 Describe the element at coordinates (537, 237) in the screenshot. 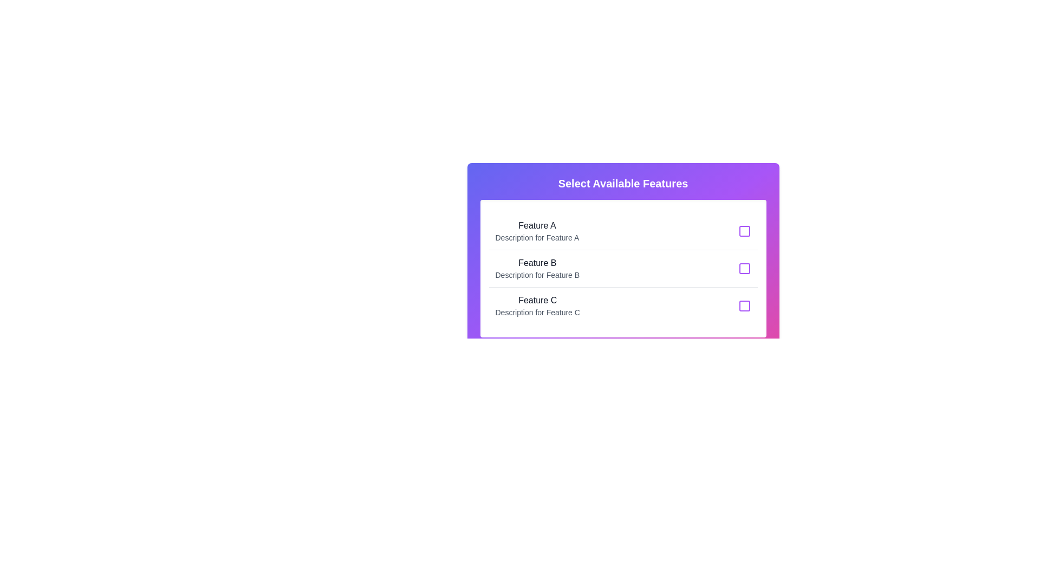

I see `the text label that reads 'Description for Feature A', which is positioned directly below the title 'Feature A' in the 'Select Available Features' section` at that location.